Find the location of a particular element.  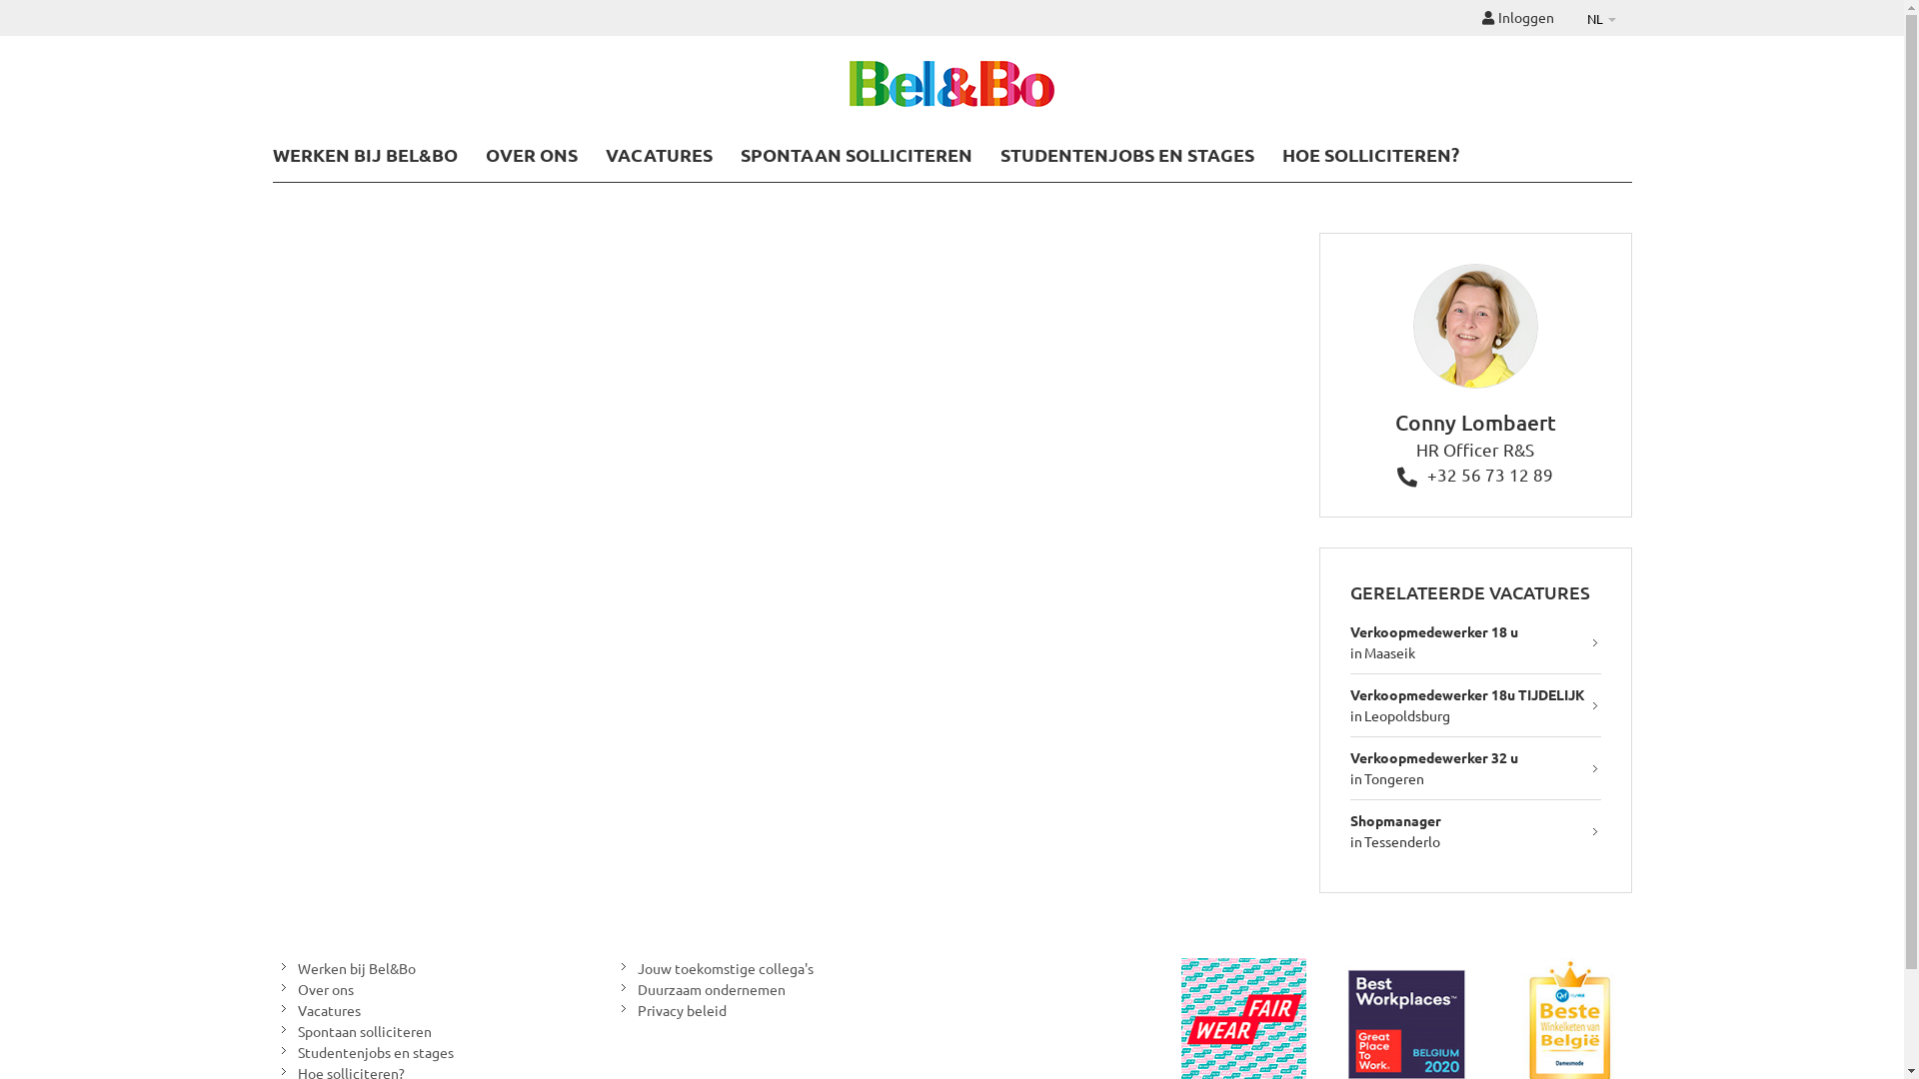

'Vacatures' is located at coordinates (315, 1010).